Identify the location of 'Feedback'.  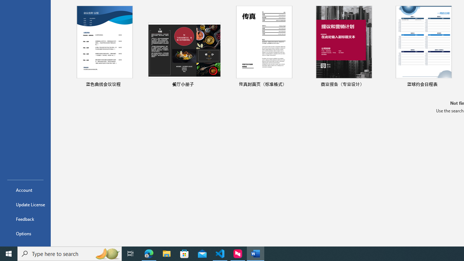
(25, 219).